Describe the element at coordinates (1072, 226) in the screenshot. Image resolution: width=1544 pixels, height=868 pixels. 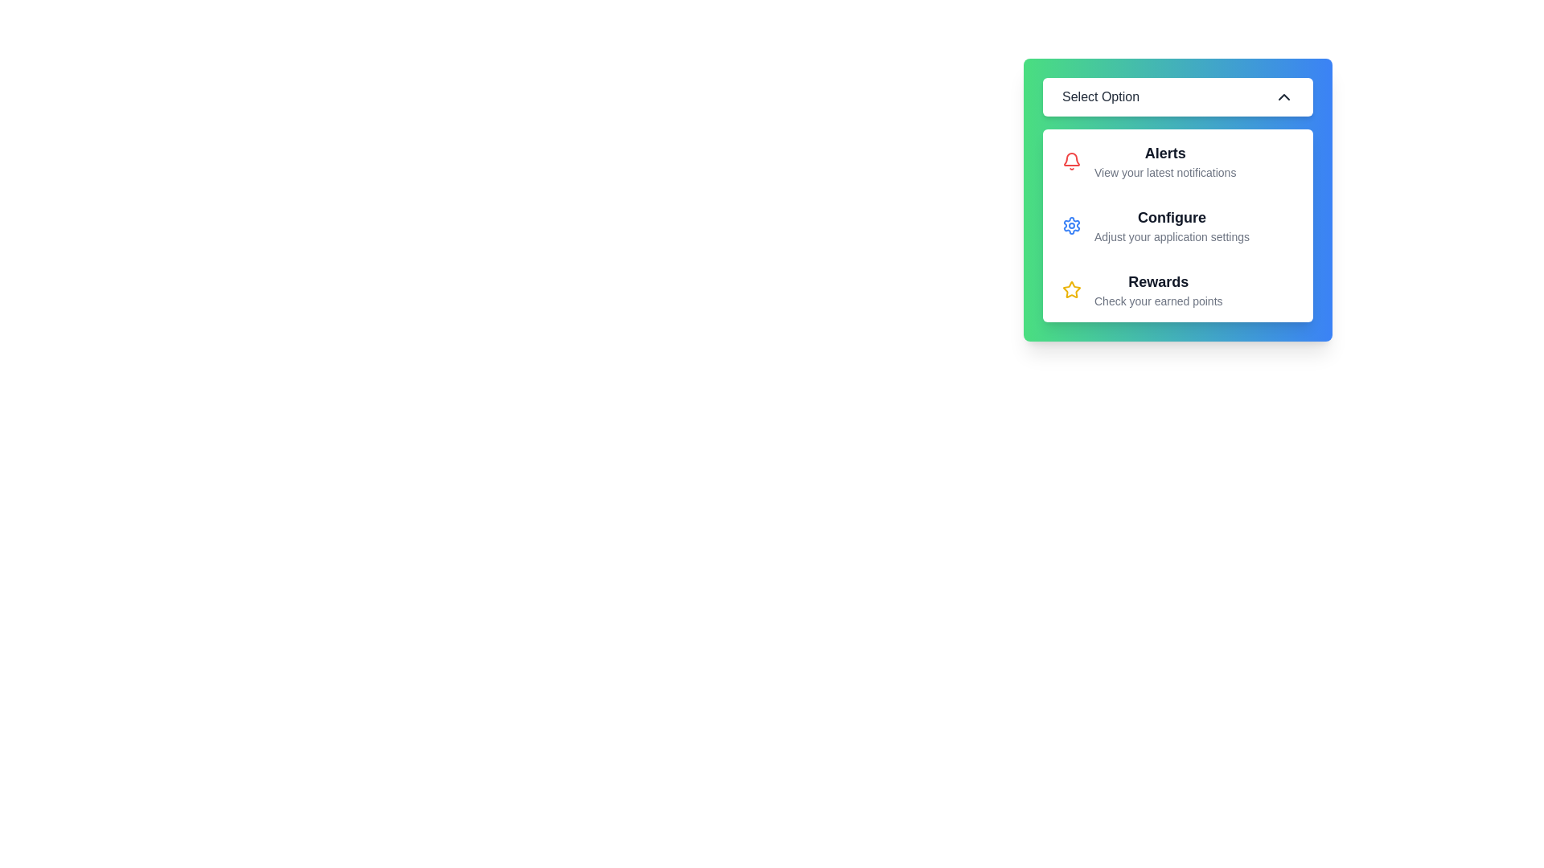
I see `the gear-like settings icon located at the upper right corner of the dropdown options box` at that location.